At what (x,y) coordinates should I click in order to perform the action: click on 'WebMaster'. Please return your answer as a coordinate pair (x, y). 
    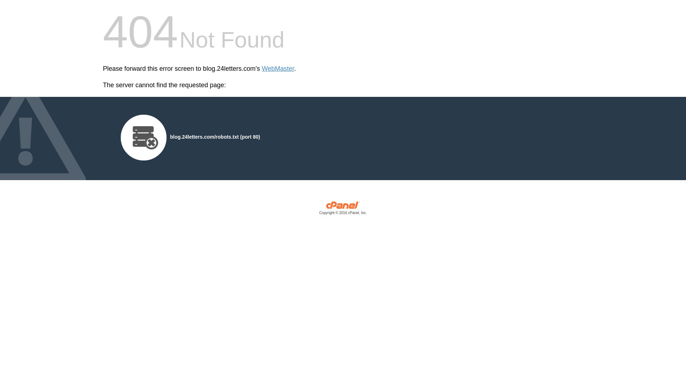
    Looking at the image, I should click on (262, 69).